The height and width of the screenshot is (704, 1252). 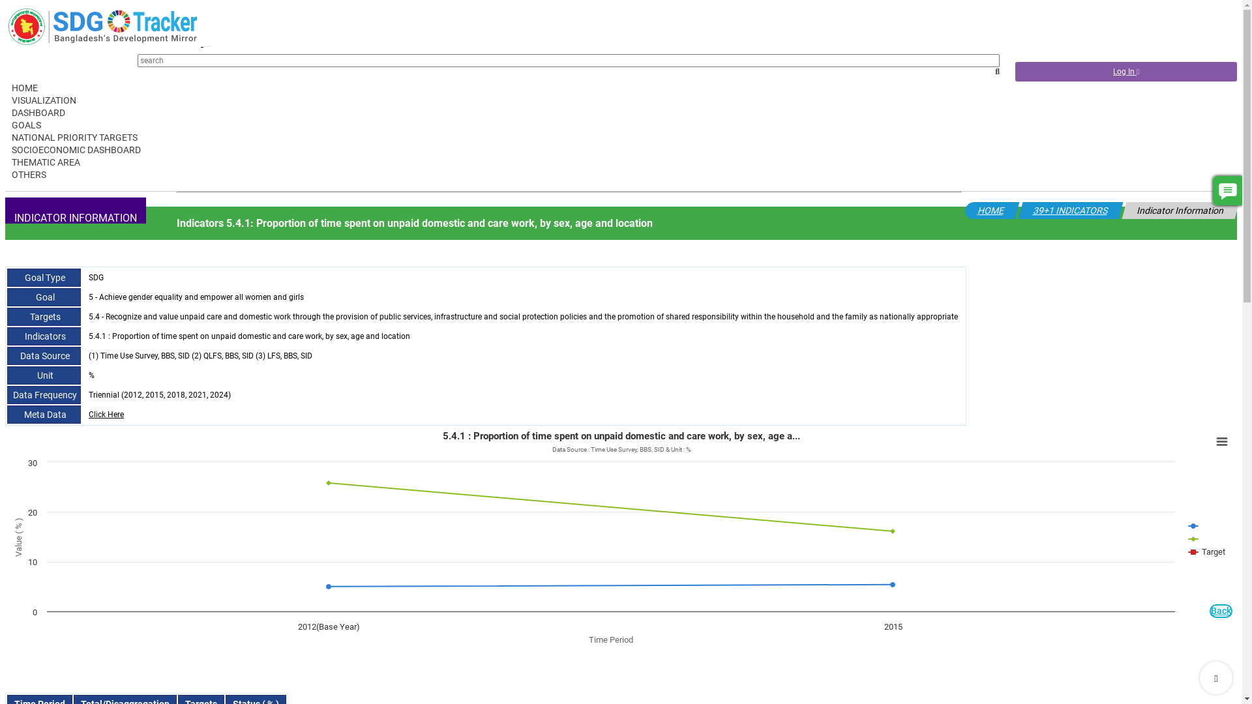 I want to click on 'HOME', so click(x=22, y=88).